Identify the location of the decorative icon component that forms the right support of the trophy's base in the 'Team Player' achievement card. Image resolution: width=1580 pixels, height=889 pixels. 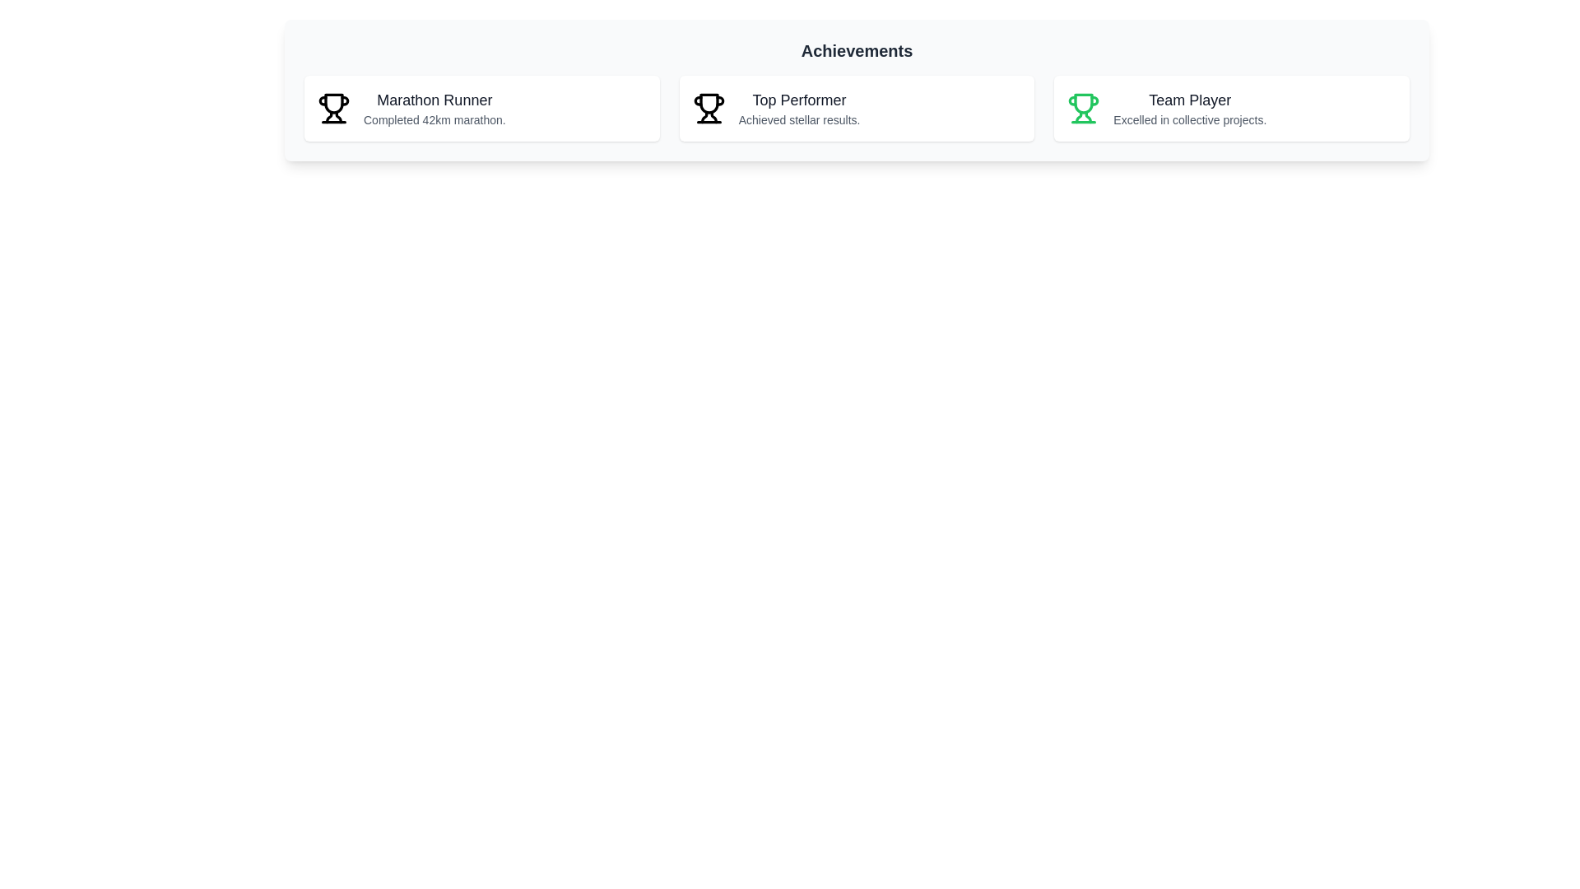
(1089, 116).